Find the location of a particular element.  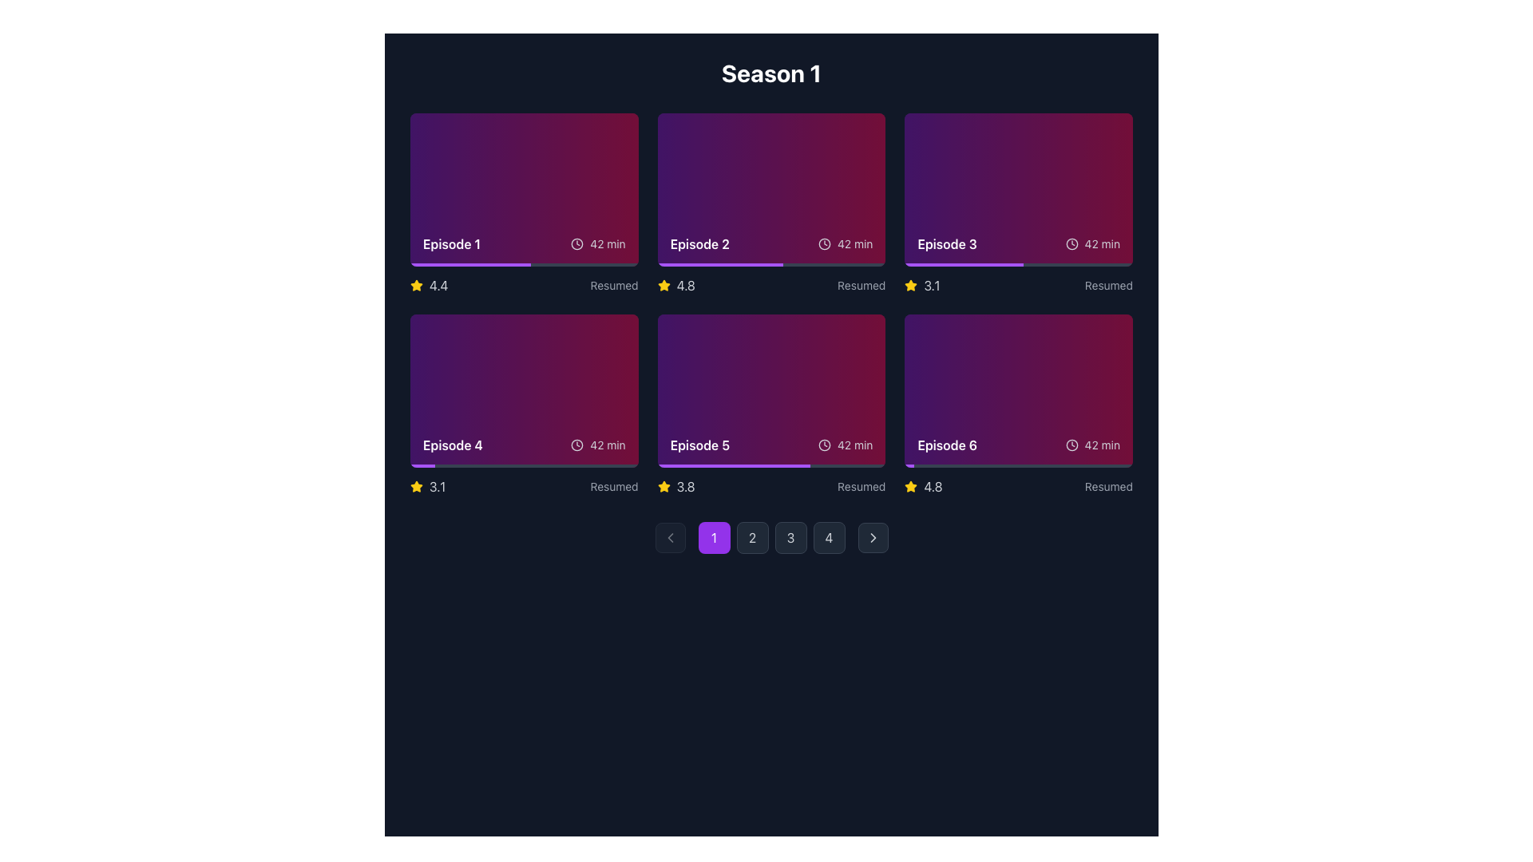

the page selection button labeled '3' is located at coordinates (771, 538).